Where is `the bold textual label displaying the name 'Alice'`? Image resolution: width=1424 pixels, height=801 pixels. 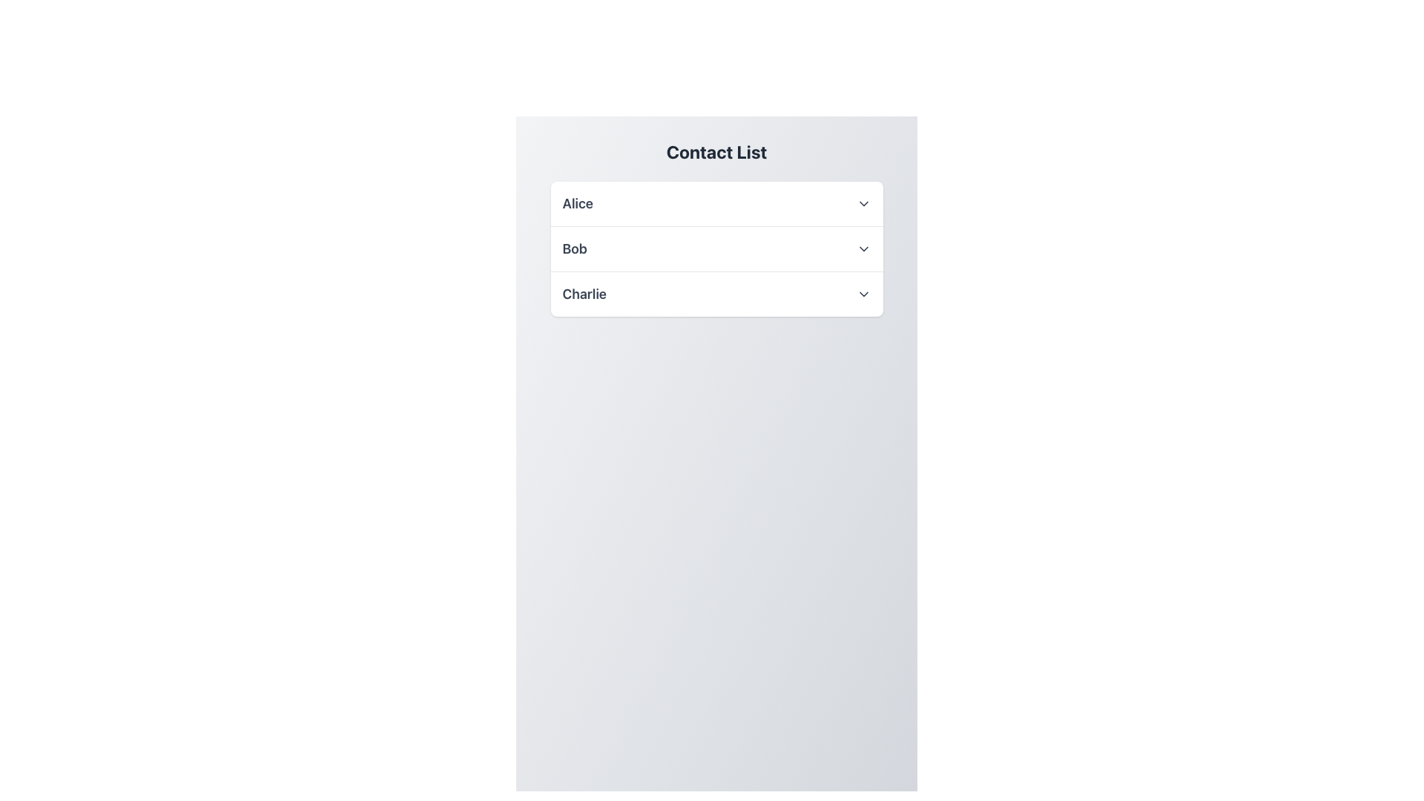
the bold textual label displaying the name 'Alice' is located at coordinates (577, 203).